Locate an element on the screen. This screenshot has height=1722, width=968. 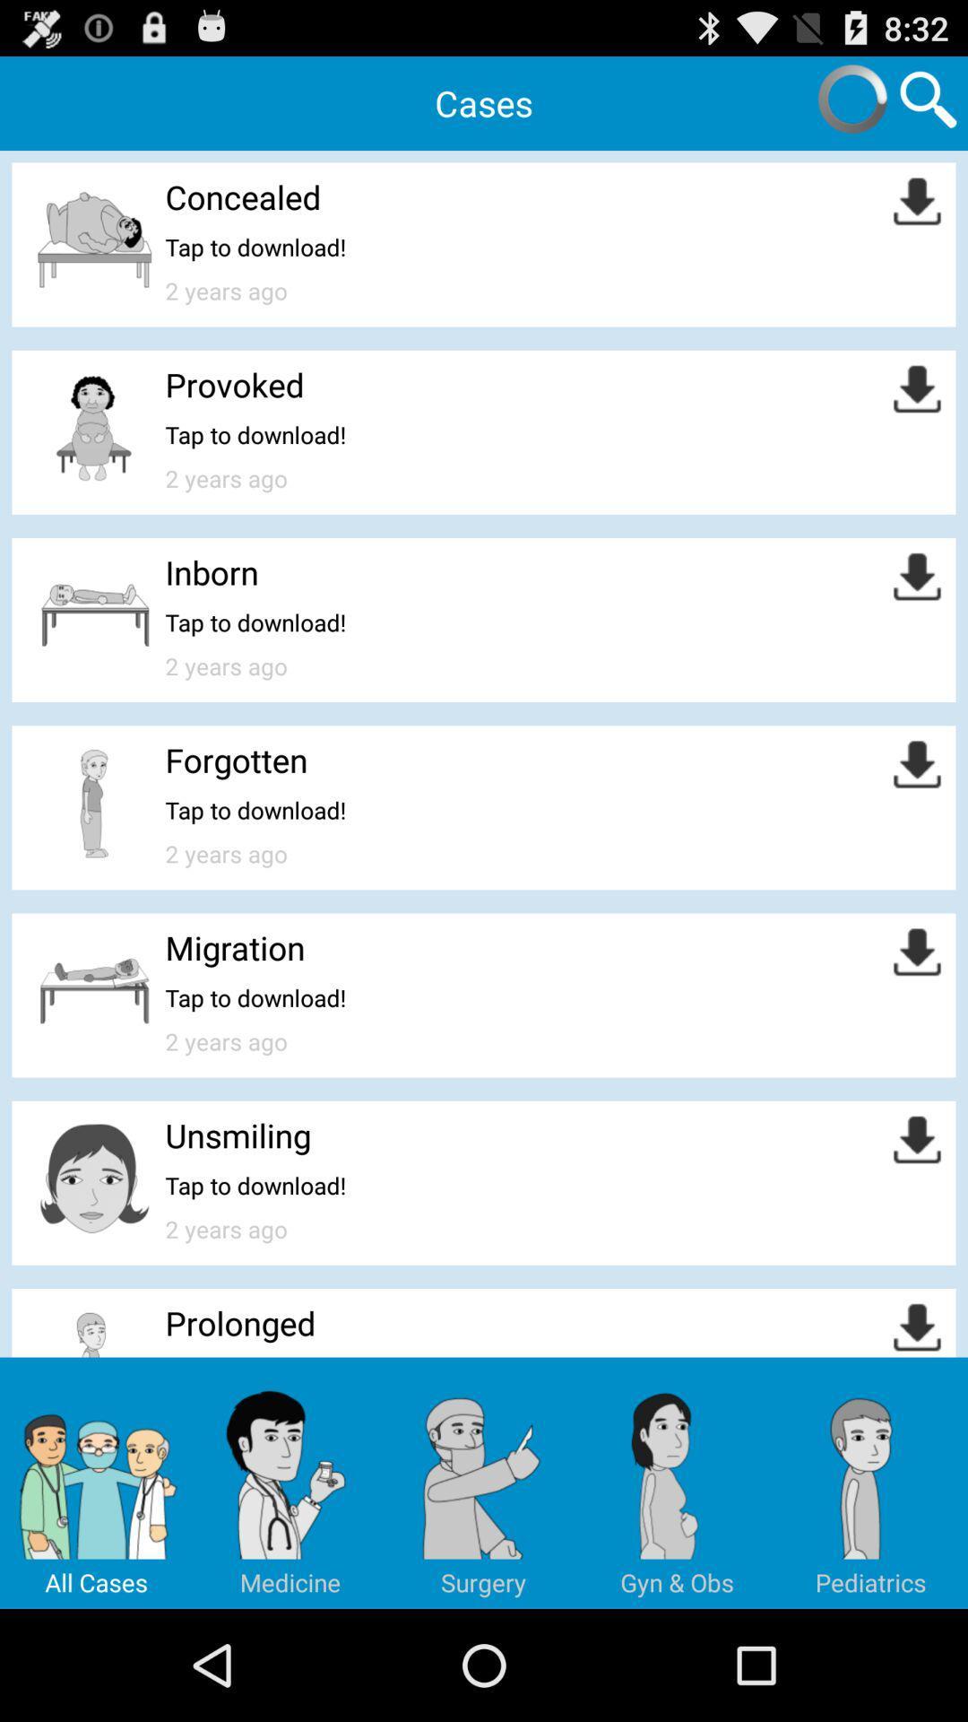
prolonged is located at coordinates (239, 1323).